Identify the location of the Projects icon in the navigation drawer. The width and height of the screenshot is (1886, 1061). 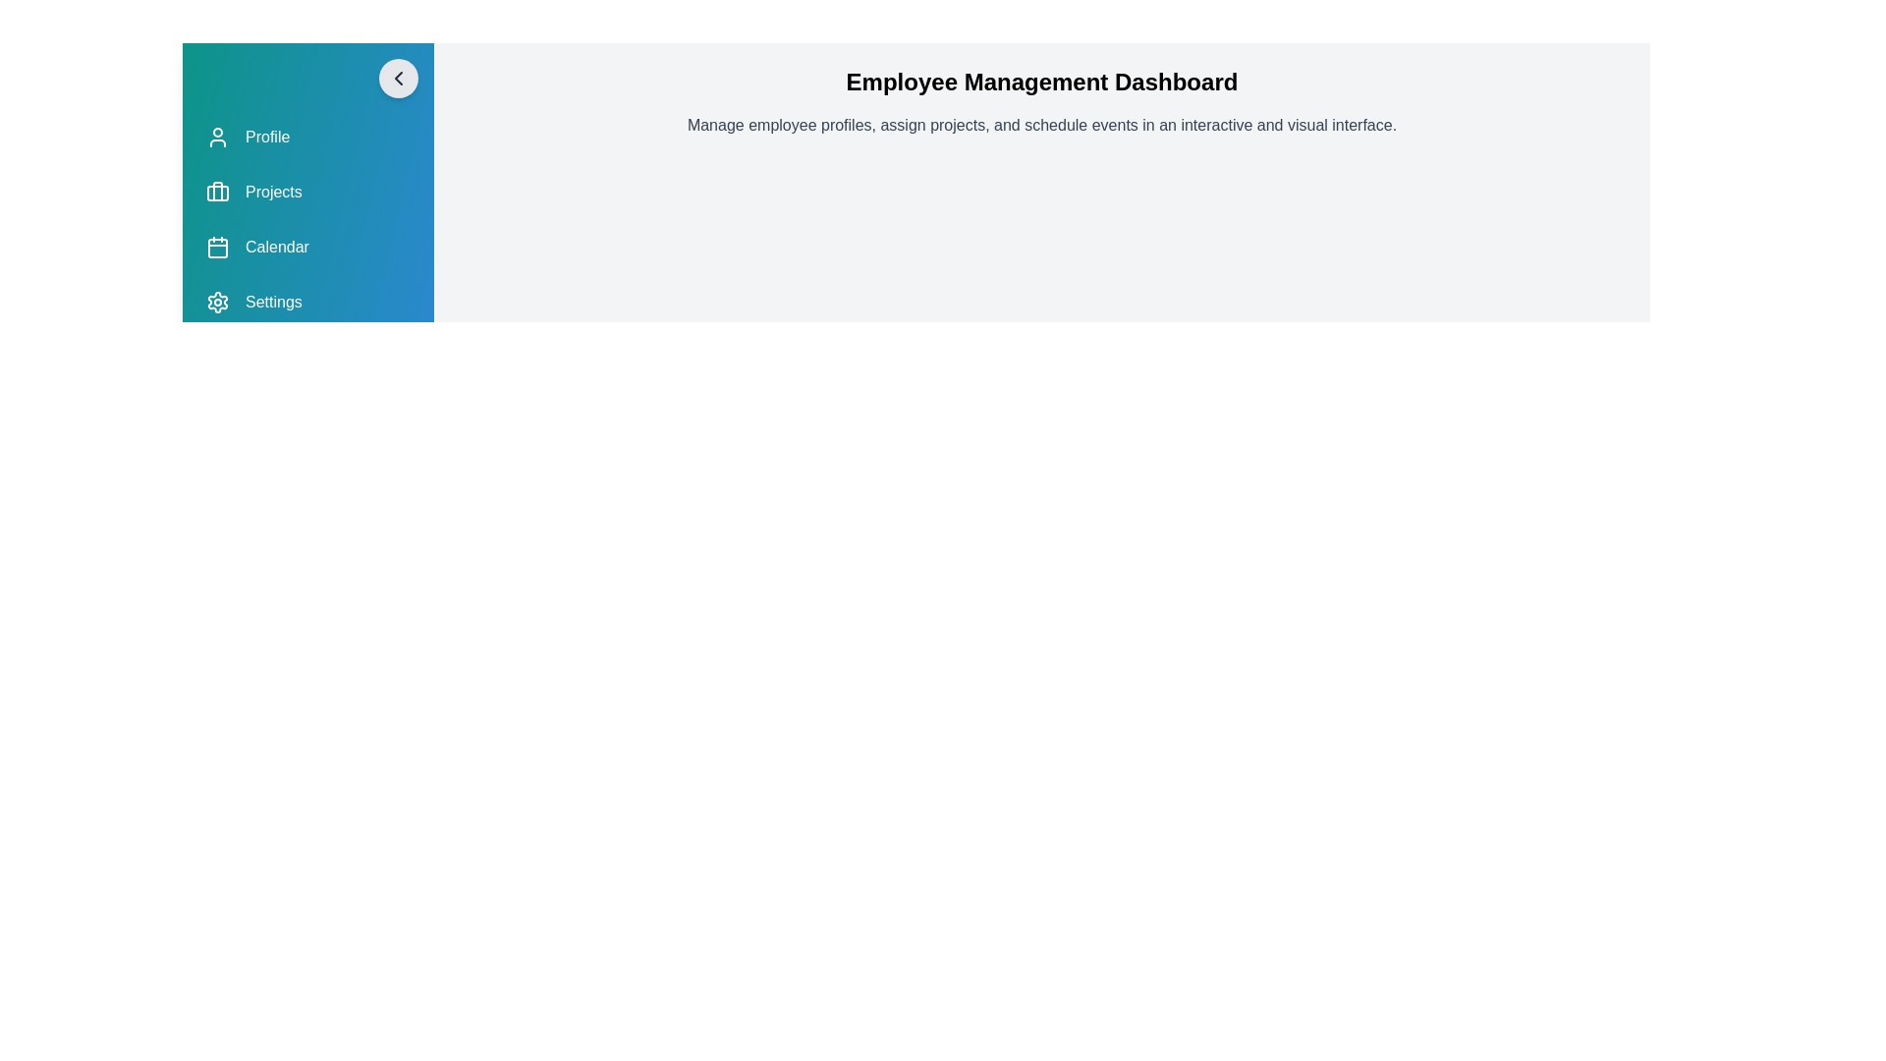
(217, 193).